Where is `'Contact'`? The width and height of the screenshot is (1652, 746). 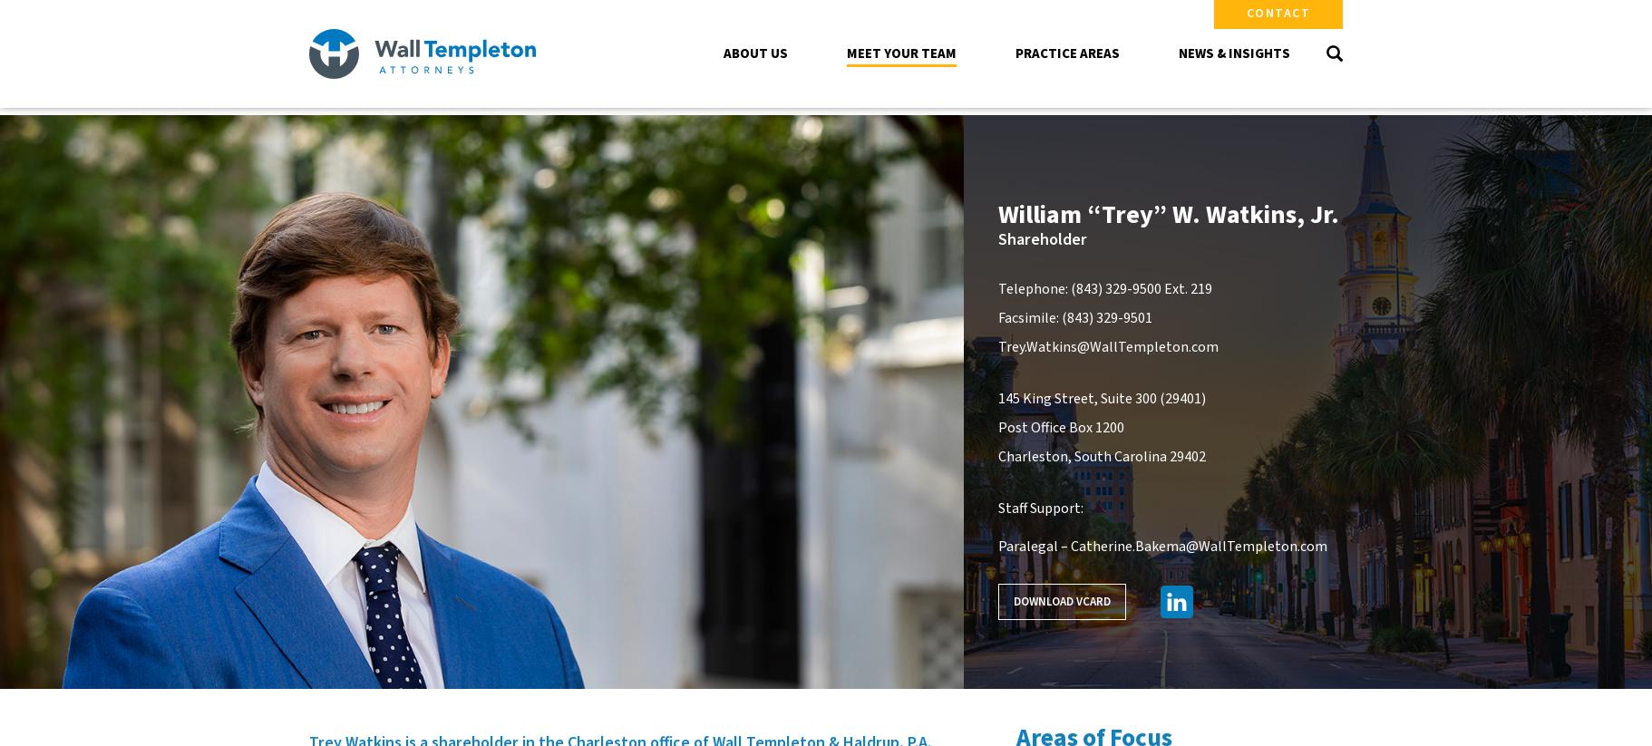
'Contact' is located at coordinates (1278, 12).